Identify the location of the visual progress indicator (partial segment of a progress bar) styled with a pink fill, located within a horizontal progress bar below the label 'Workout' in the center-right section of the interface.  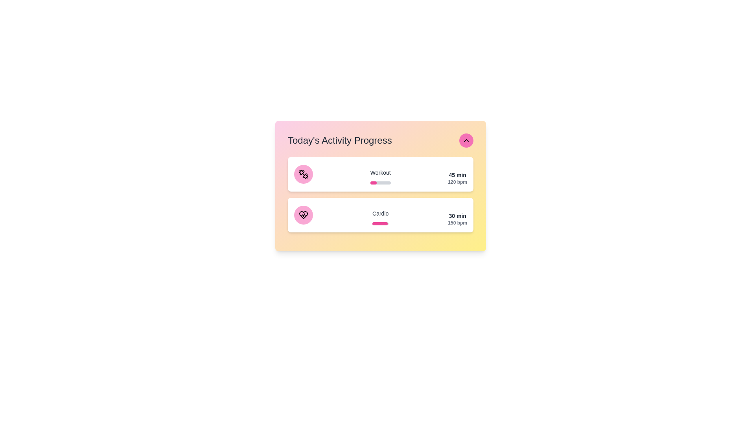
(373, 183).